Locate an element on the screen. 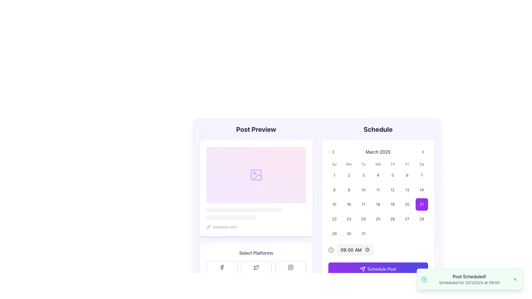  the decorative boundary for the Instagram logo, which is the third icon in a sequence of selectable platform icons is located at coordinates (290, 267).